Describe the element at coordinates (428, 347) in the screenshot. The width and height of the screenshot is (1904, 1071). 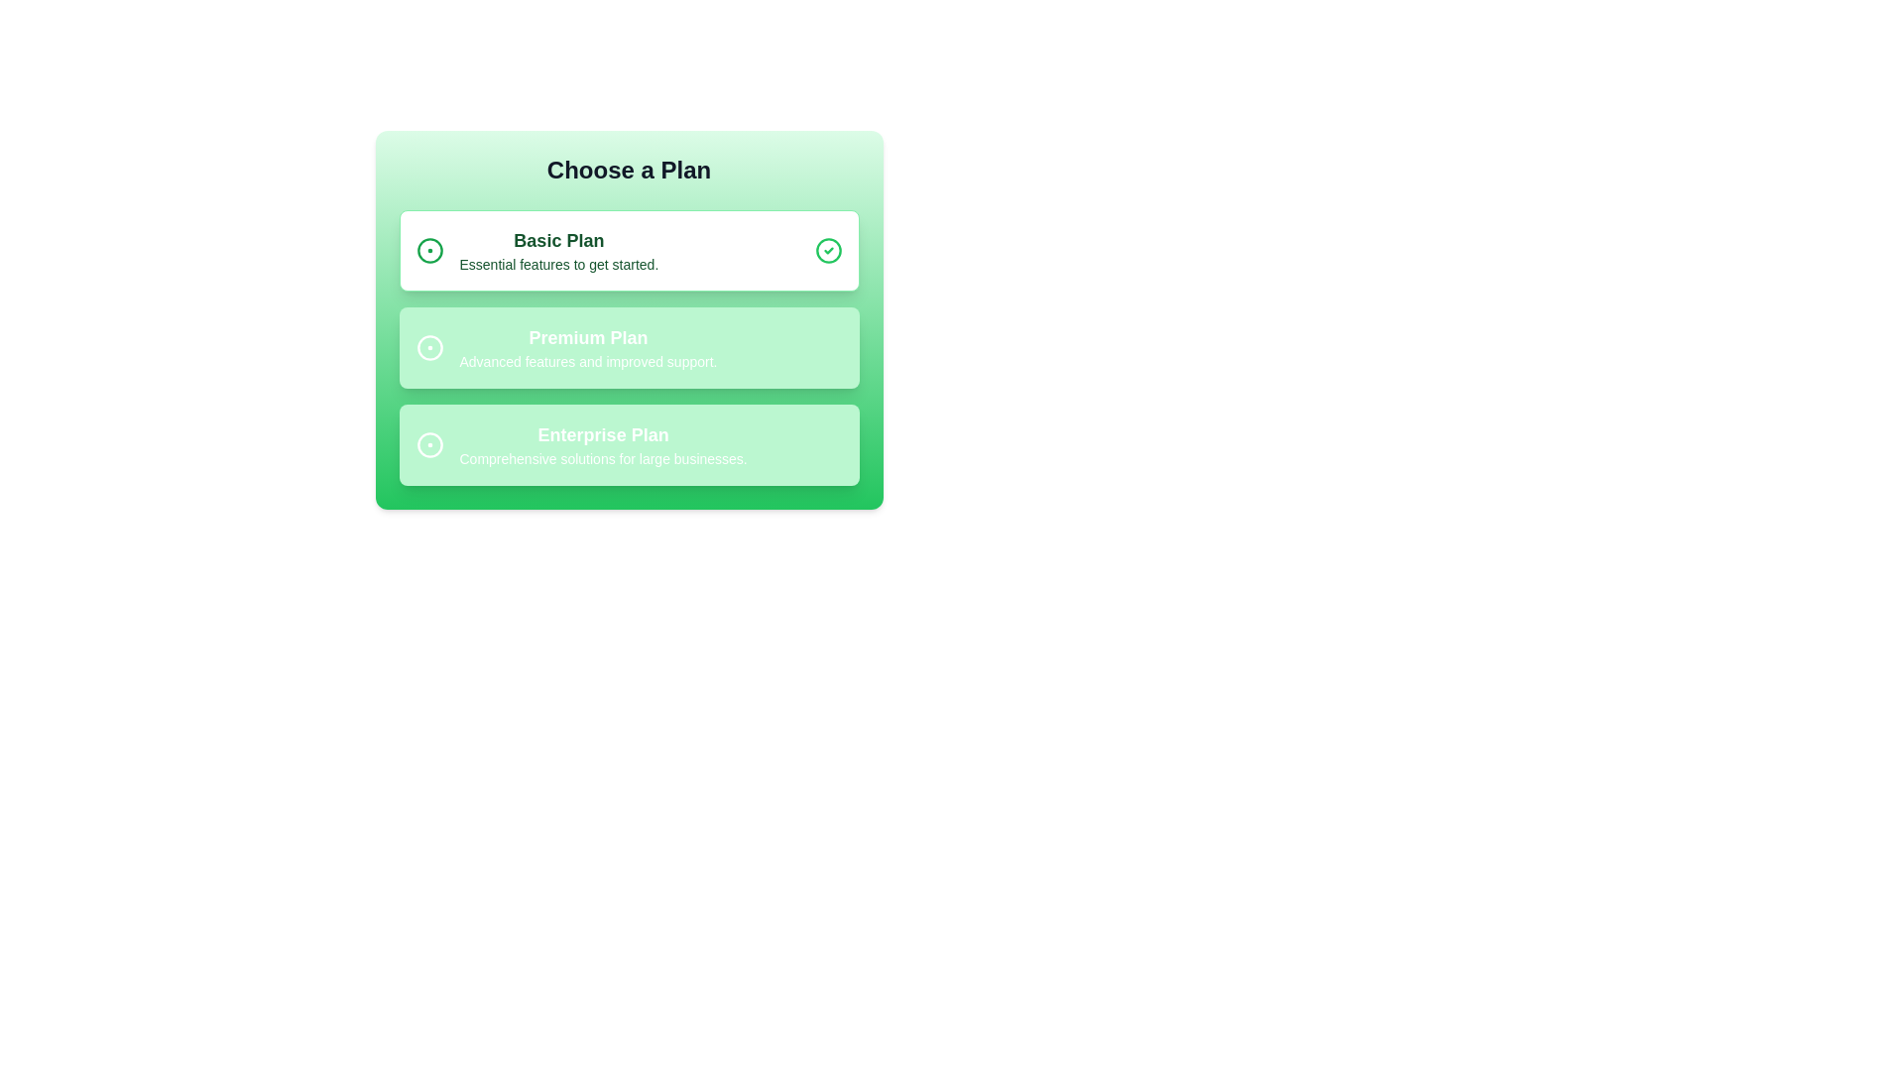
I see `the circular radio button indicator styled in white against a pale green background` at that location.